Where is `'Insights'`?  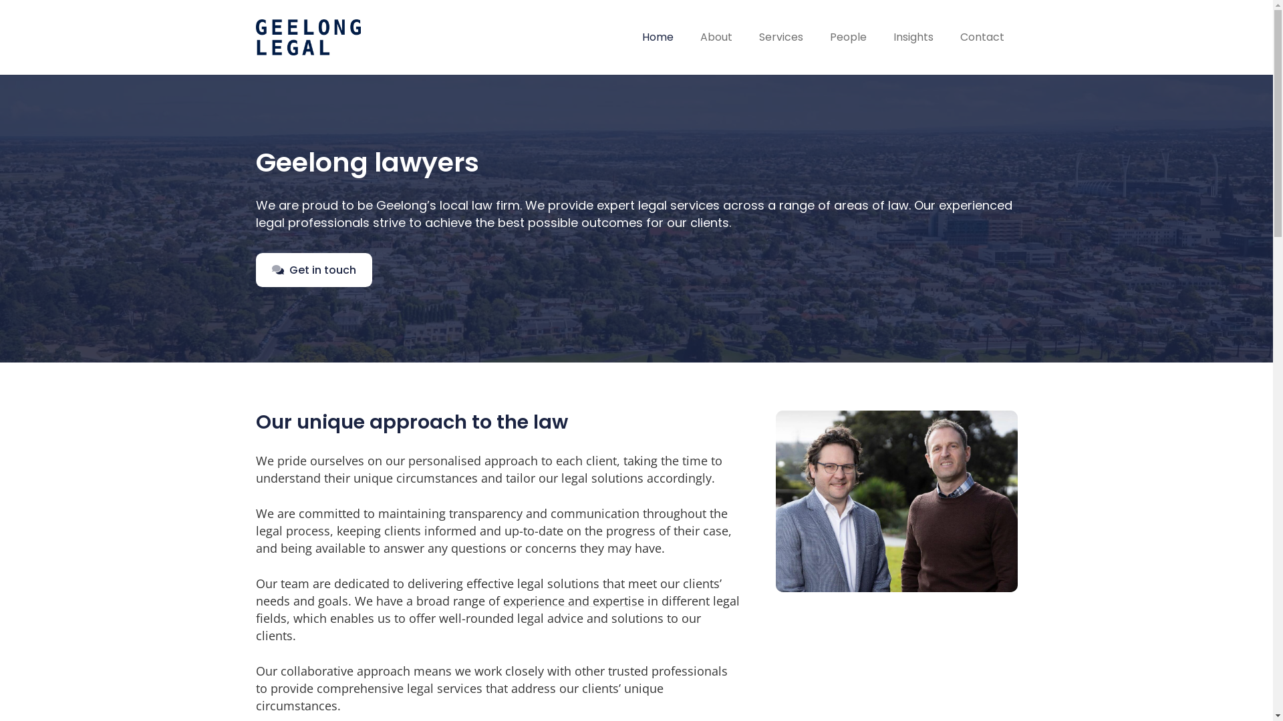 'Insights' is located at coordinates (912, 37).